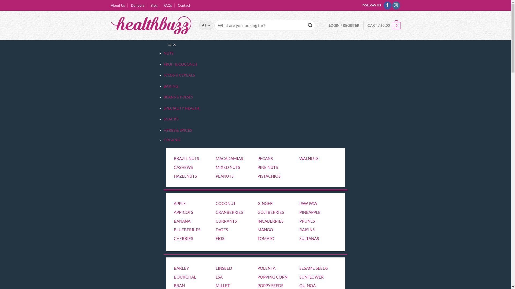 This screenshot has width=515, height=289. Describe the element at coordinates (344, 25) in the screenshot. I see `'LOGIN / REGISTER'` at that location.